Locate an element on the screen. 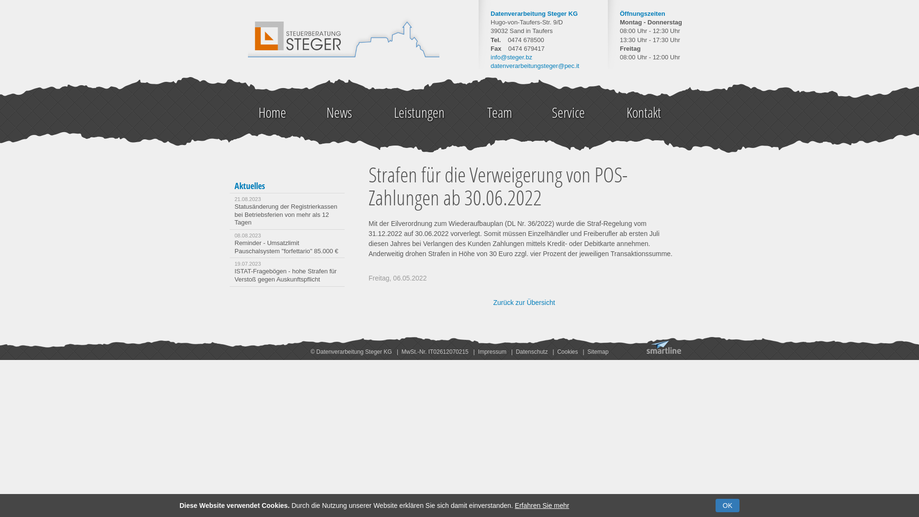 This screenshot has width=919, height=517. 'Kontakt' is located at coordinates (643, 112).